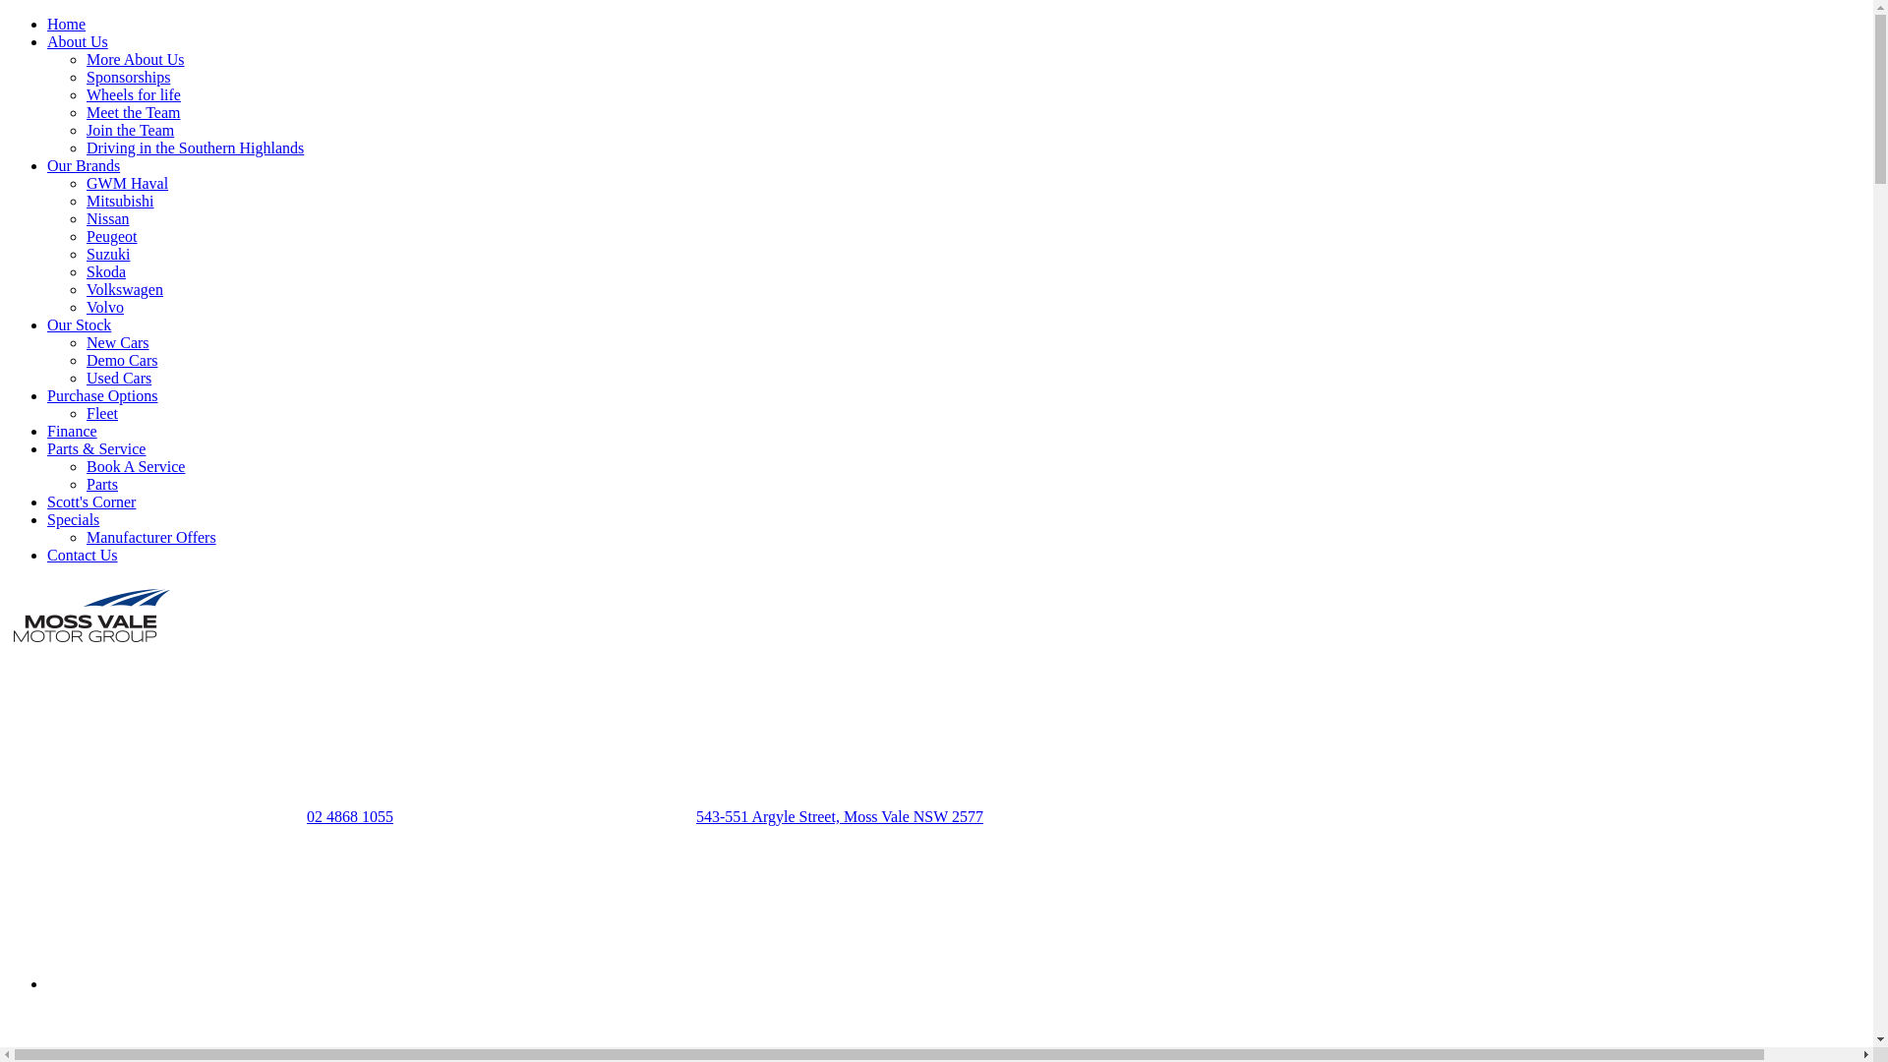 The width and height of the screenshot is (1888, 1062). Describe the element at coordinates (195, 147) in the screenshot. I see `'Driving in the Southern Highlands'` at that location.